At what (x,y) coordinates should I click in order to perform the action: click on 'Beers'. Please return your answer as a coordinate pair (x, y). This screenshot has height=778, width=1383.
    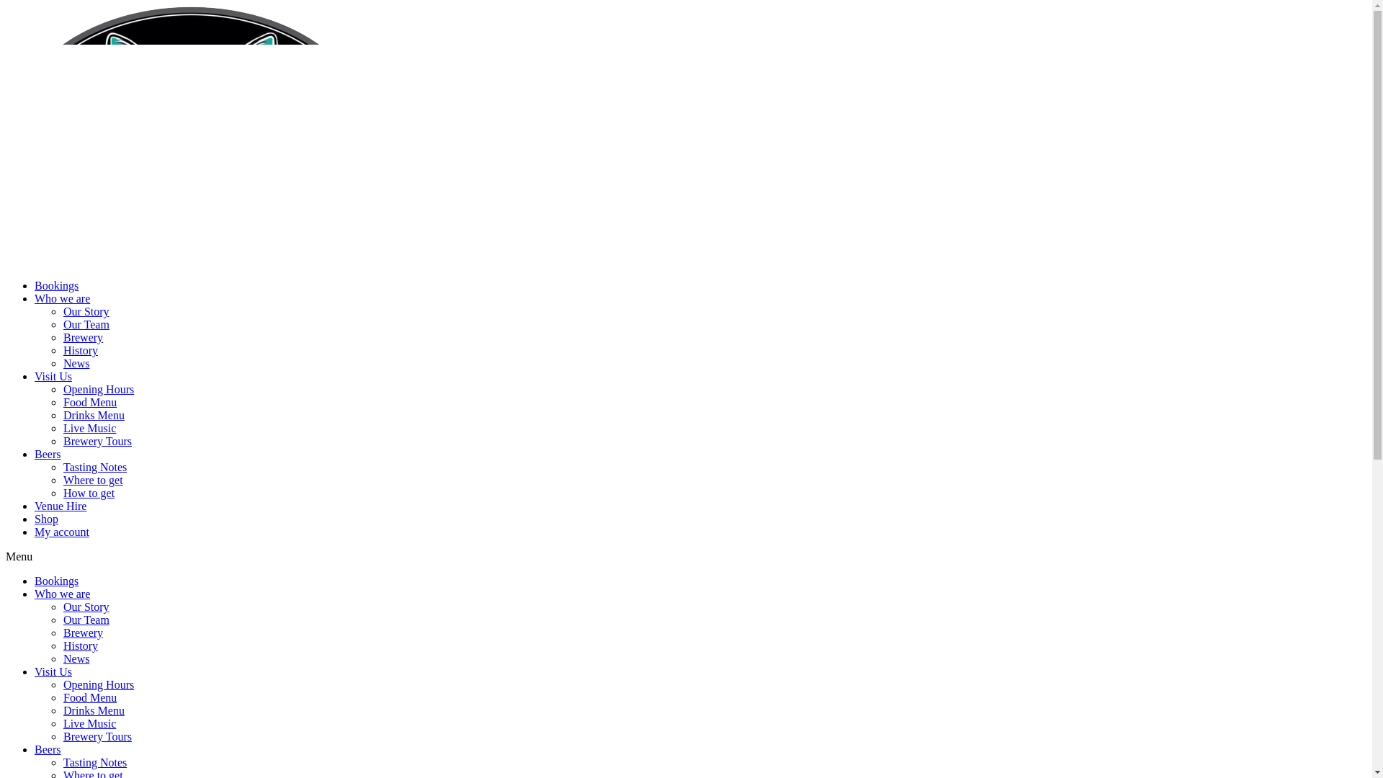
    Looking at the image, I should click on (35, 748).